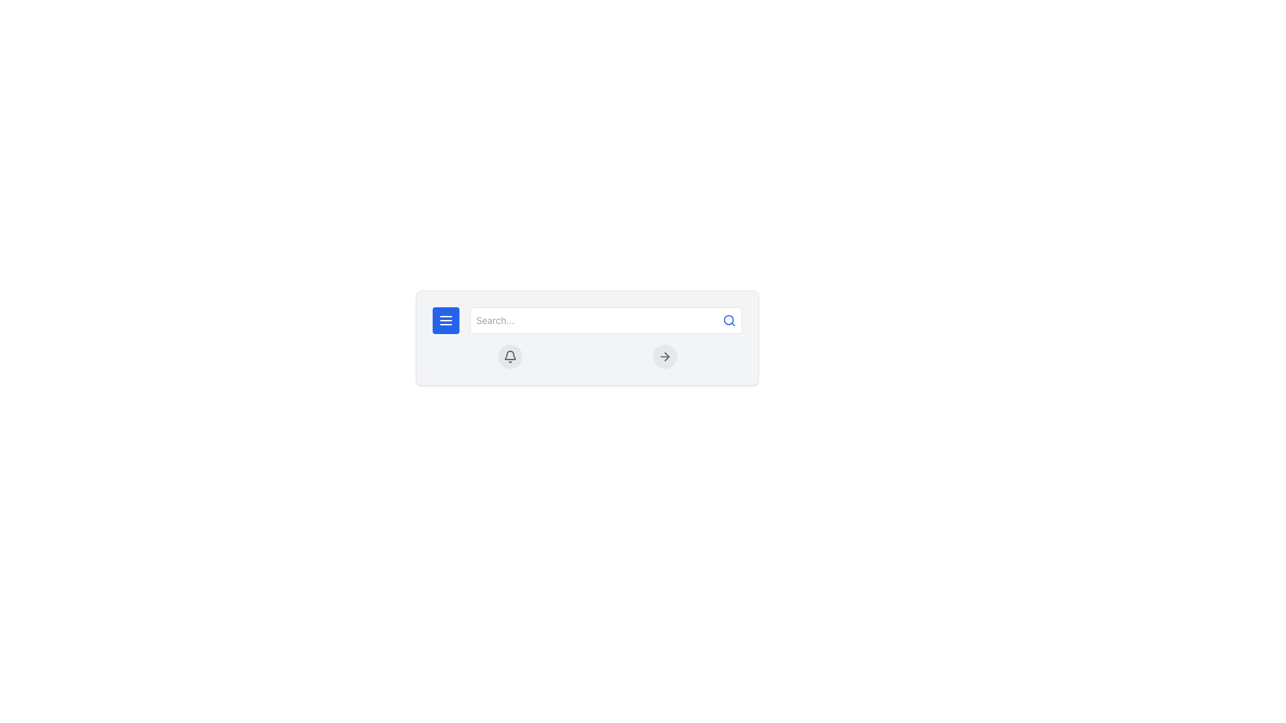  I want to click on the leftmost button in the horizontal row for accessibility navigation, so click(446, 320).